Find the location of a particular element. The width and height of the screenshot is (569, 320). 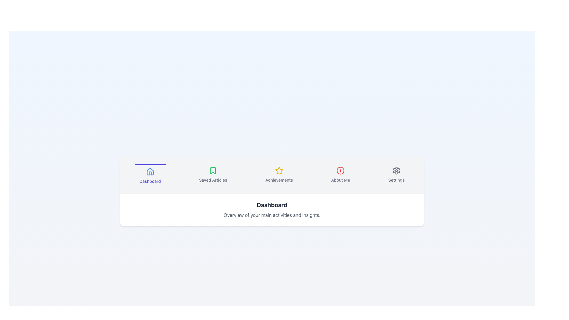

the circular 'About Me' button with the information symbol ('i') in red color is located at coordinates (341, 175).